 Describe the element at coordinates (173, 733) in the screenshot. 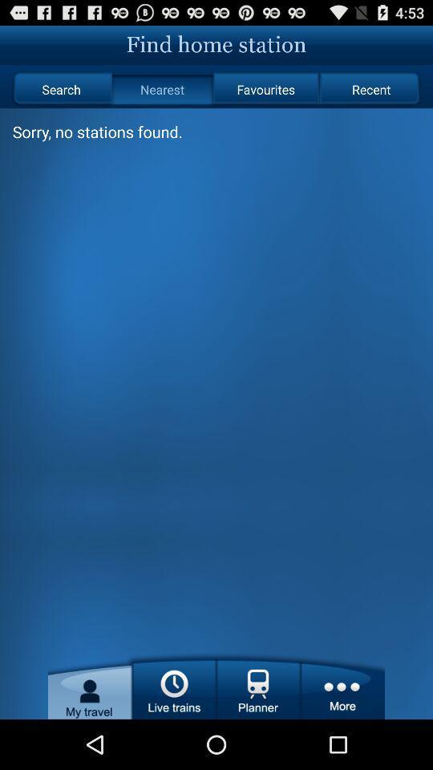

I see `the time icon` at that location.